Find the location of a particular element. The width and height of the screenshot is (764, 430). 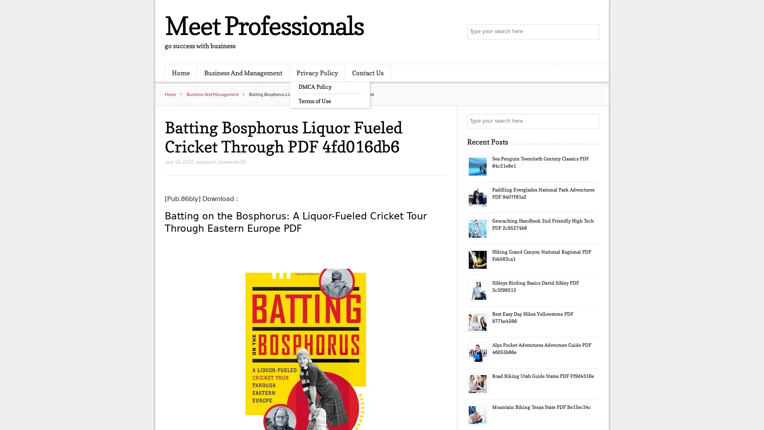

Search is located at coordinates (591, 121).